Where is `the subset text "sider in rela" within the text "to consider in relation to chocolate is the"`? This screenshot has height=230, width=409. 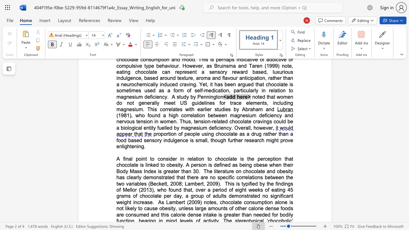 the subset text "sider in rela" within the text "to consider in relation to chocolate is the" is located at coordinates (166, 158).